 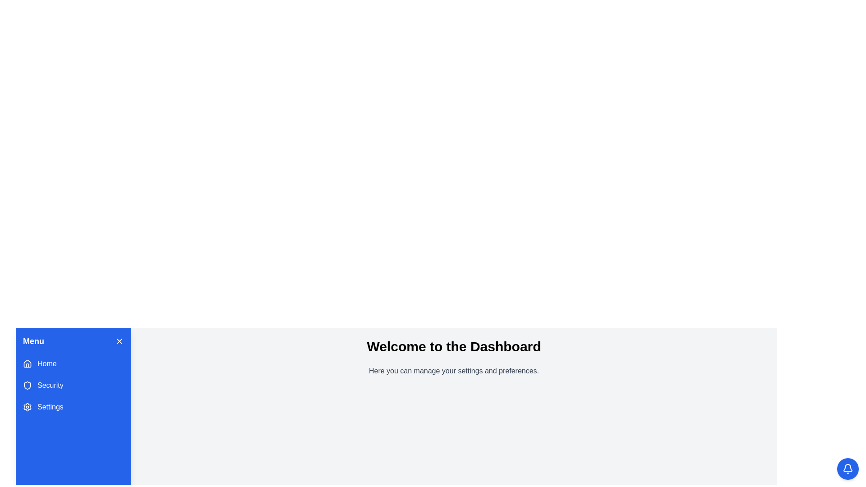 I want to click on the 'Settings' text label, which is the last item, so click(x=50, y=407).